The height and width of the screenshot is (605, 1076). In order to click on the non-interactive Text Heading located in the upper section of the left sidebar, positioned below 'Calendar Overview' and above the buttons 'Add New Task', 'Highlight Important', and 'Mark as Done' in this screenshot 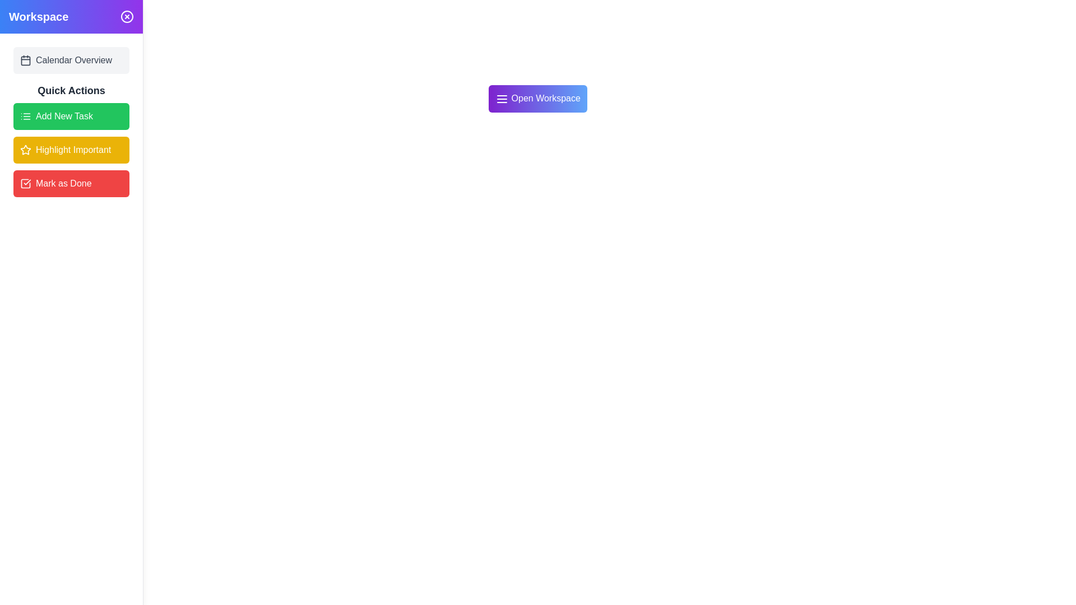, I will do `click(71, 90)`.